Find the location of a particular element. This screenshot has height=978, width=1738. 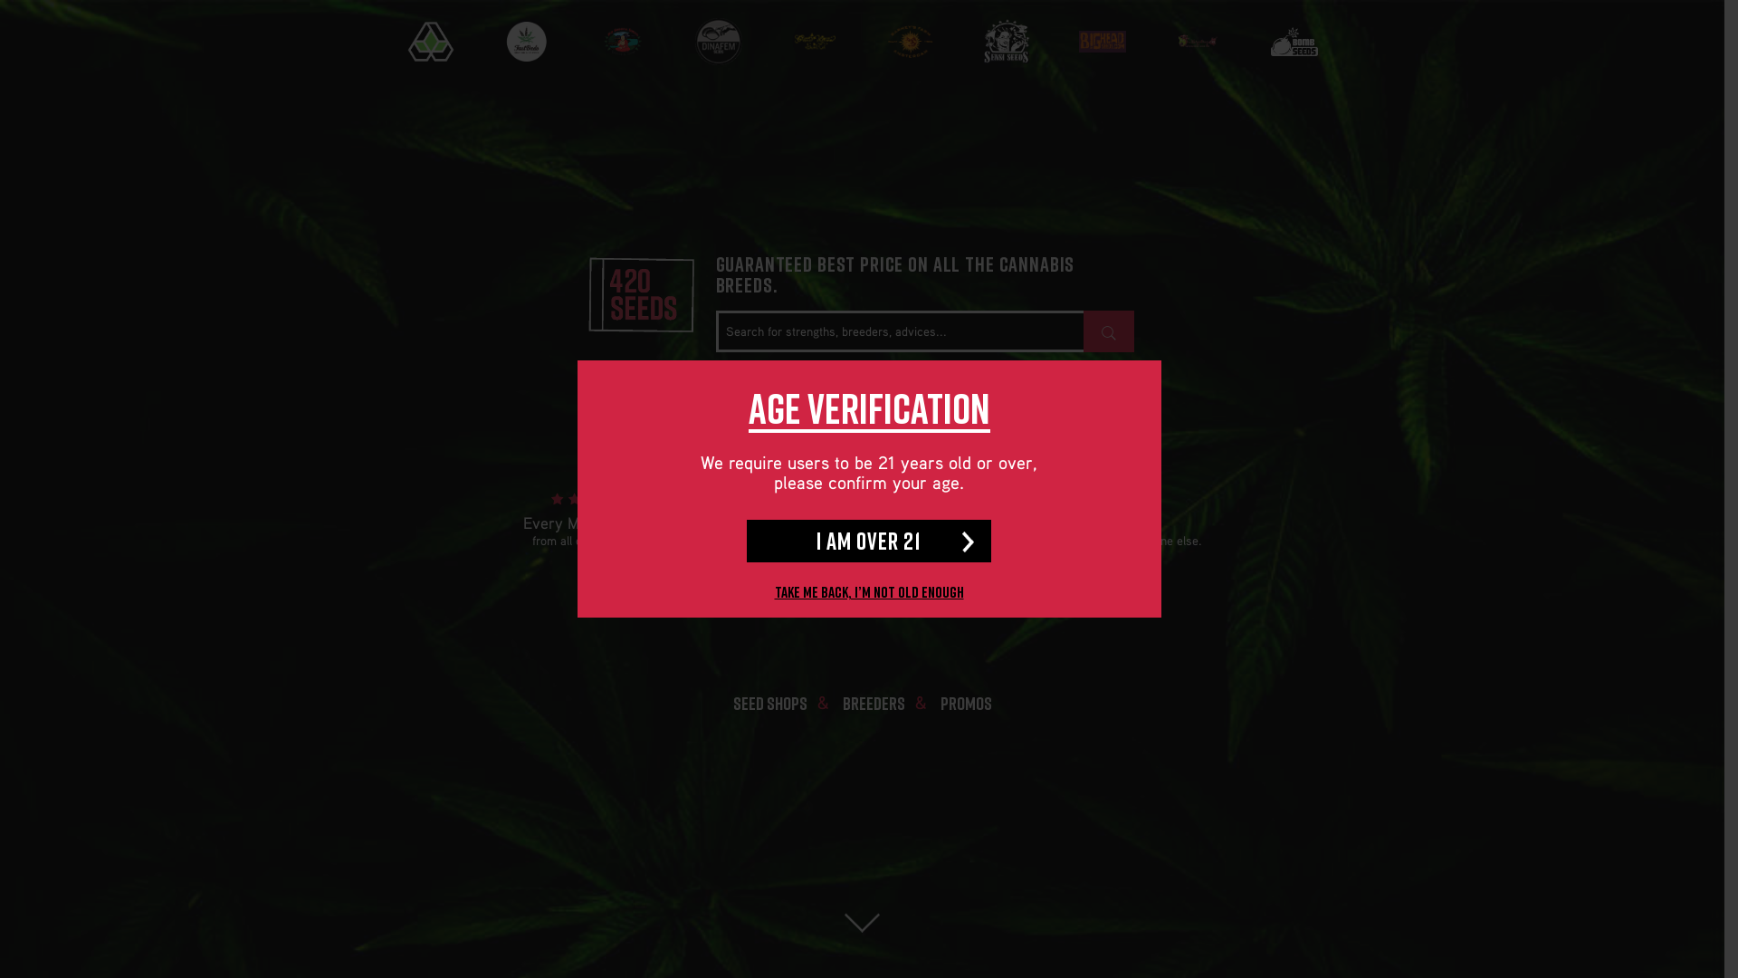

'Dinafem Seeds' is located at coordinates (671, 41).